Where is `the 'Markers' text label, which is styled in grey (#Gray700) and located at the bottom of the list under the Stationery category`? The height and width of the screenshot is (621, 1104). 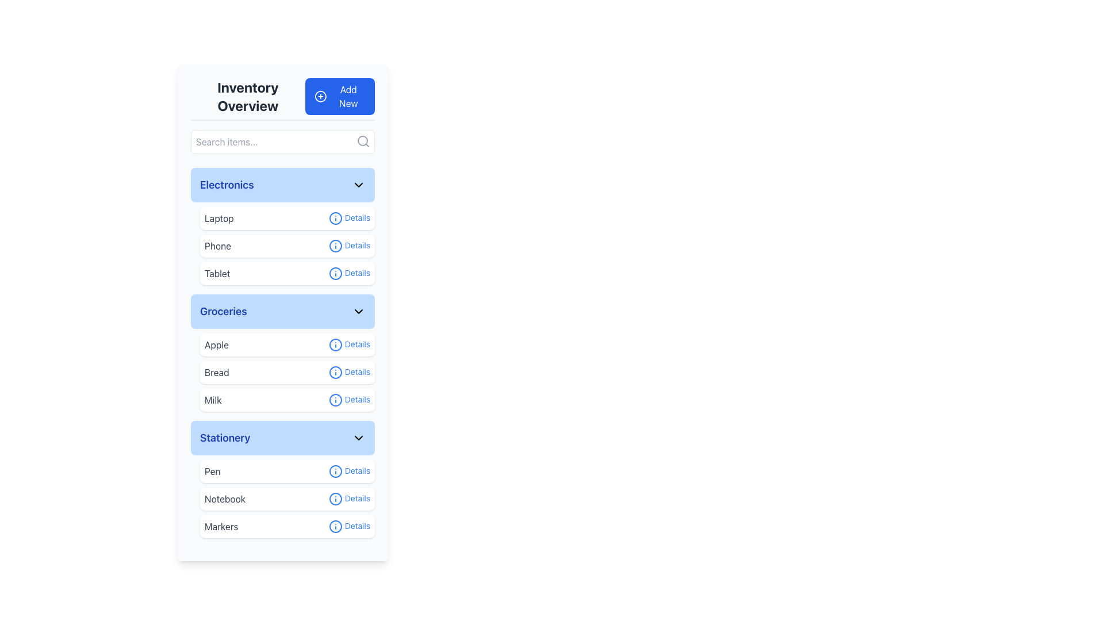
the 'Markers' text label, which is styled in grey (#Gray700) and located at the bottom of the list under the Stationery category is located at coordinates (221, 526).